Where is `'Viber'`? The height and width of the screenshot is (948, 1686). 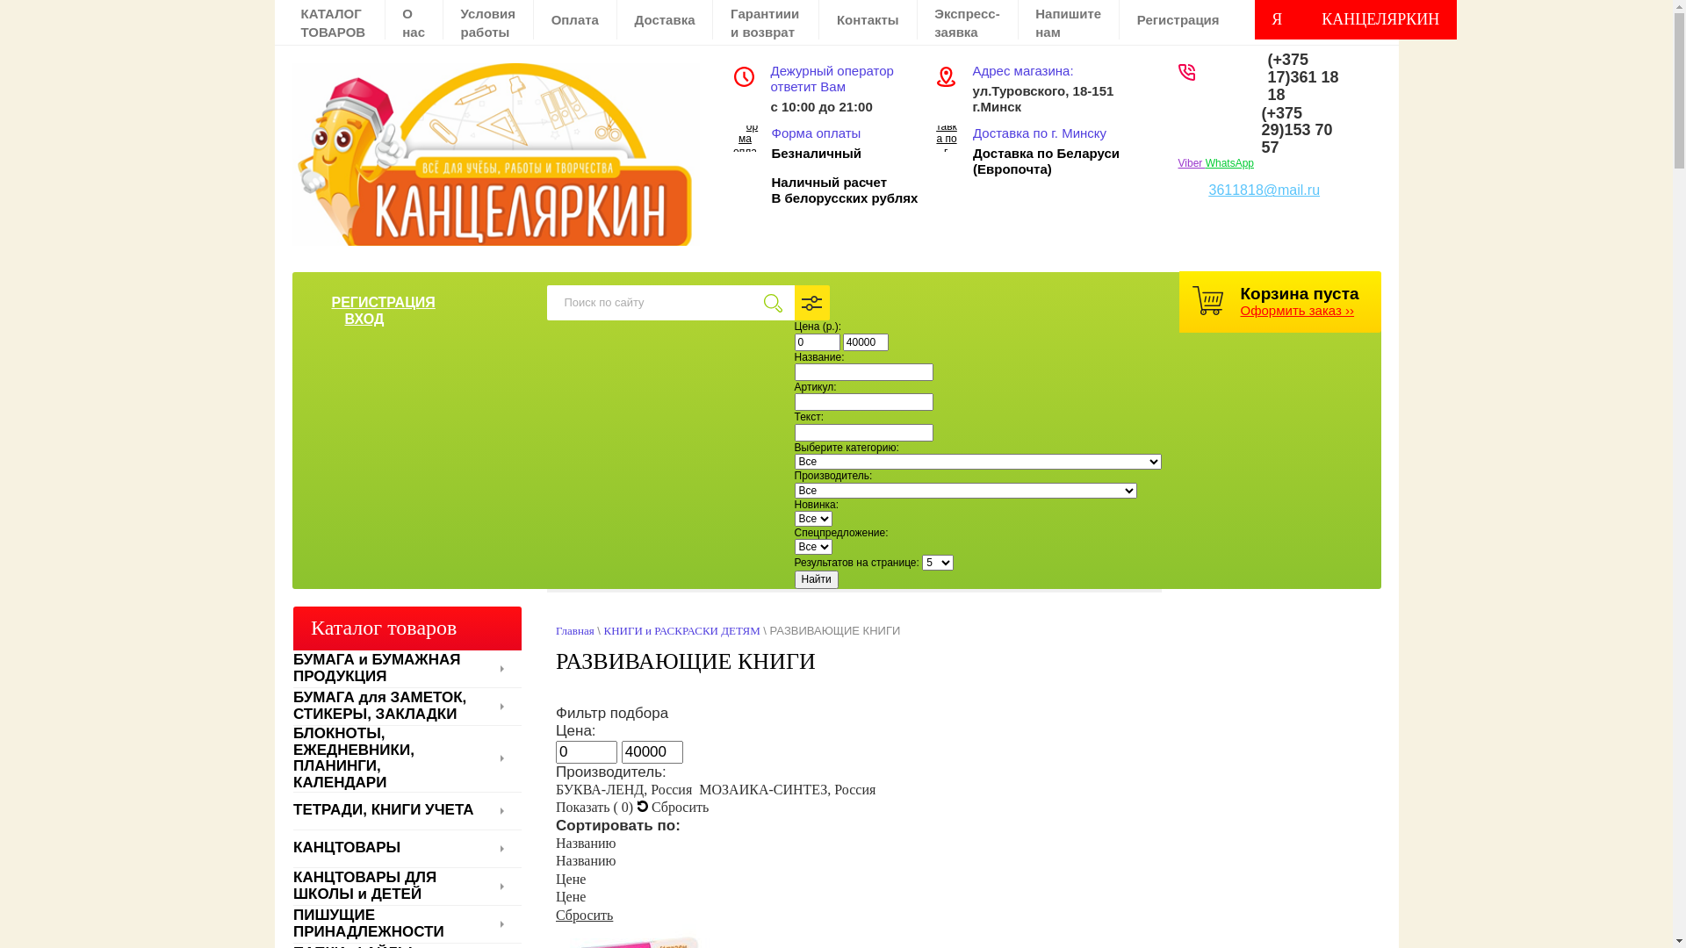
'Viber' is located at coordinates (1192, 162).